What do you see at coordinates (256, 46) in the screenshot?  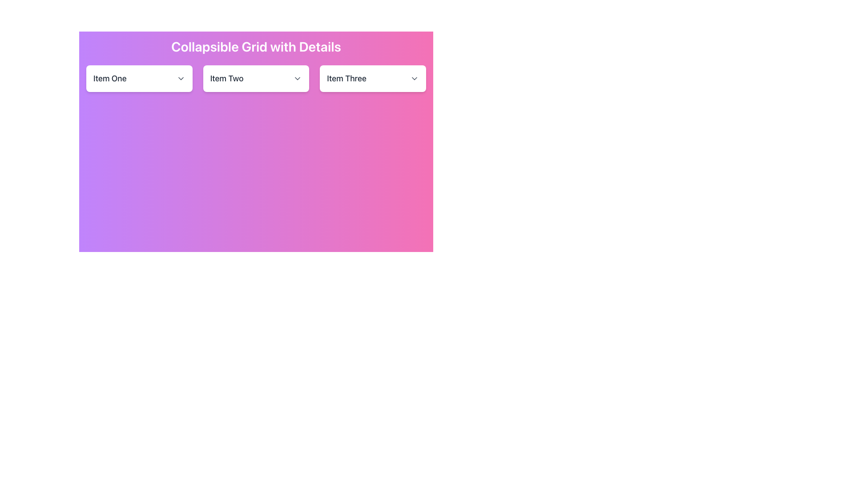 I see `label of the Text Header, which serves as the title for the section containing selectable items organized in a grid` at bounding box center [256, 46].